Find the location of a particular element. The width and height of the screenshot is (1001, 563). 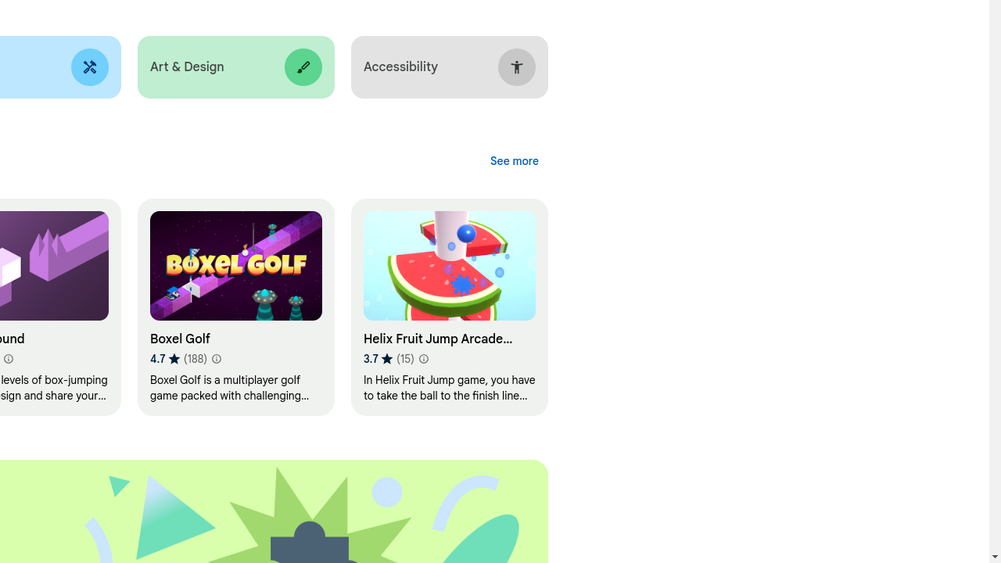

'Art & Design' is located at coordinates (235, 66).